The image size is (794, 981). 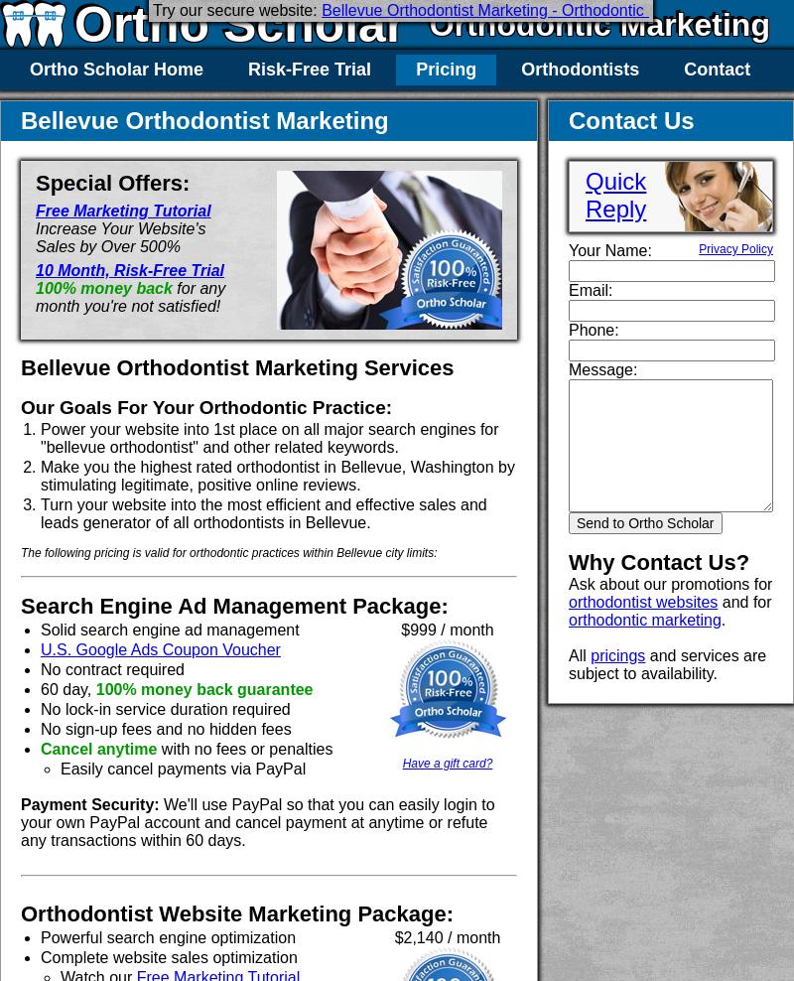 I want to click on 'Your Name:', so click(x=568, y=249).